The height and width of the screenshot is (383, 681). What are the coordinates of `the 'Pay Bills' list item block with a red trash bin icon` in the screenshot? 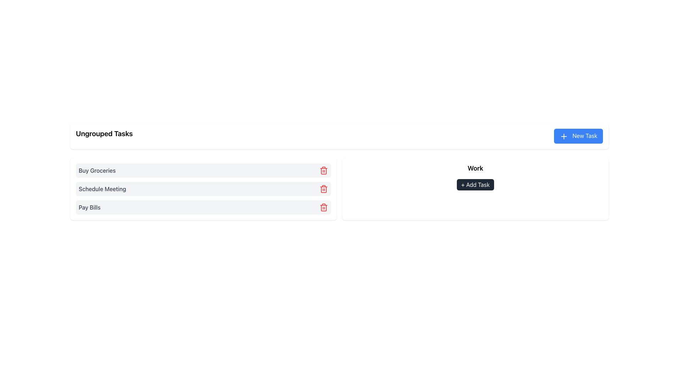 It's located at (203, 207).